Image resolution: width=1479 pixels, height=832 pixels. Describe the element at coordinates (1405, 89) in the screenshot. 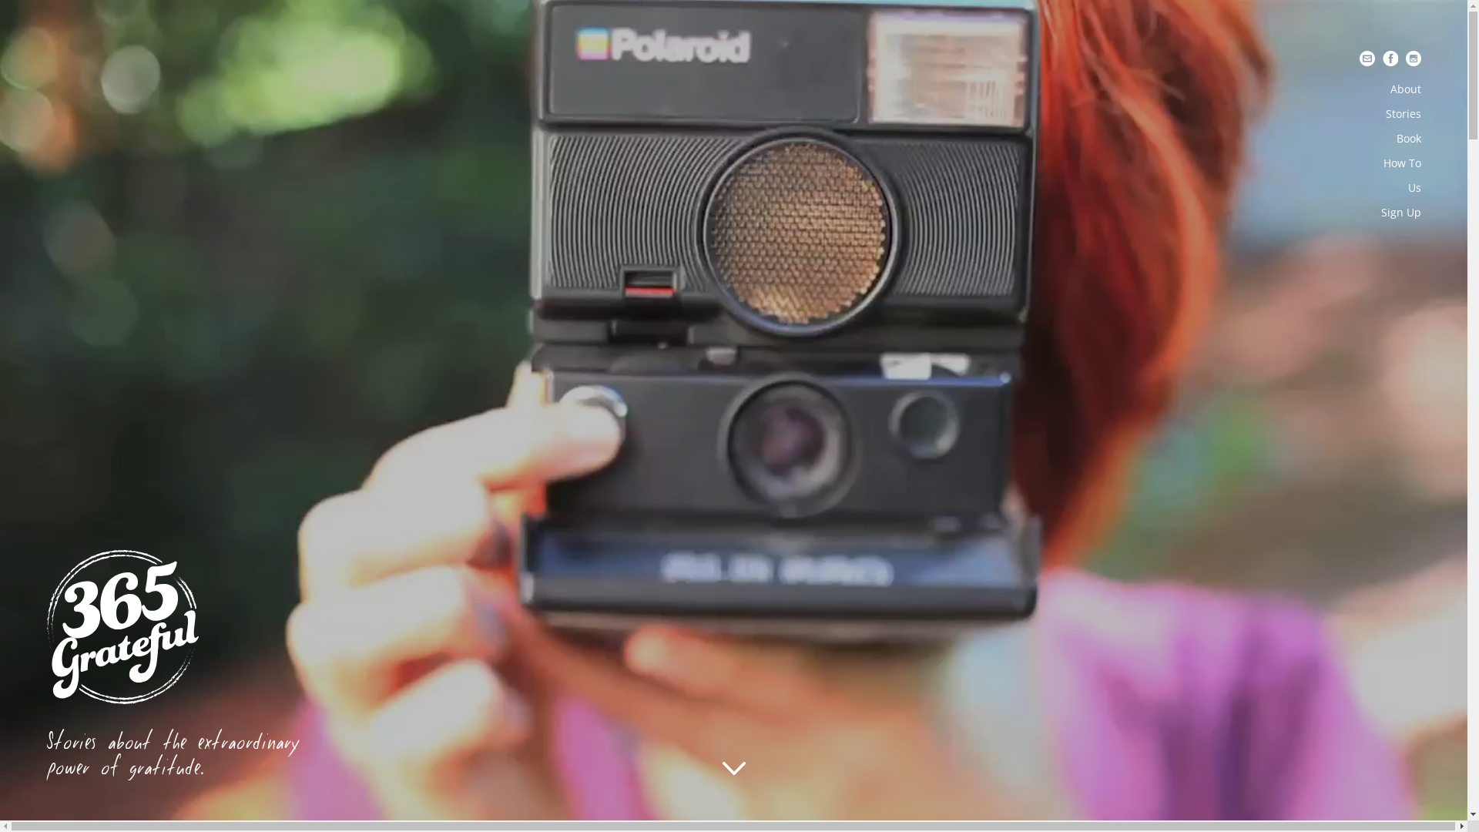

I see `'About'` at that location.